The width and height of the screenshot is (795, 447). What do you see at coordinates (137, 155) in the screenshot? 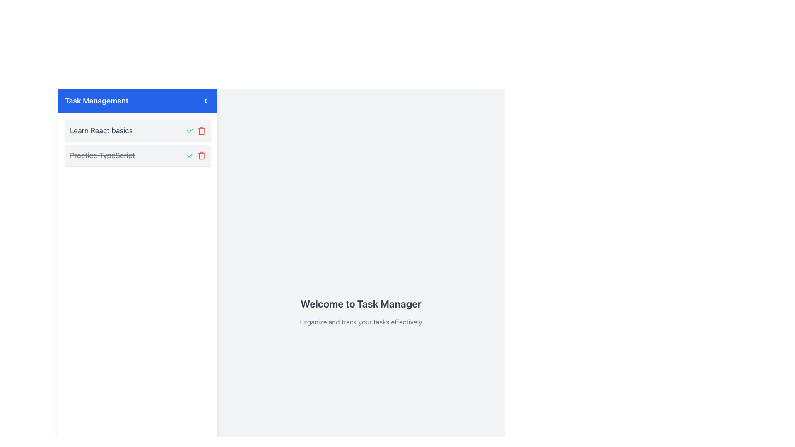
I see `the 'Practice TypeScript' task list item, which is marked as completed with a line-through effect` at bounding box center [137, 155].